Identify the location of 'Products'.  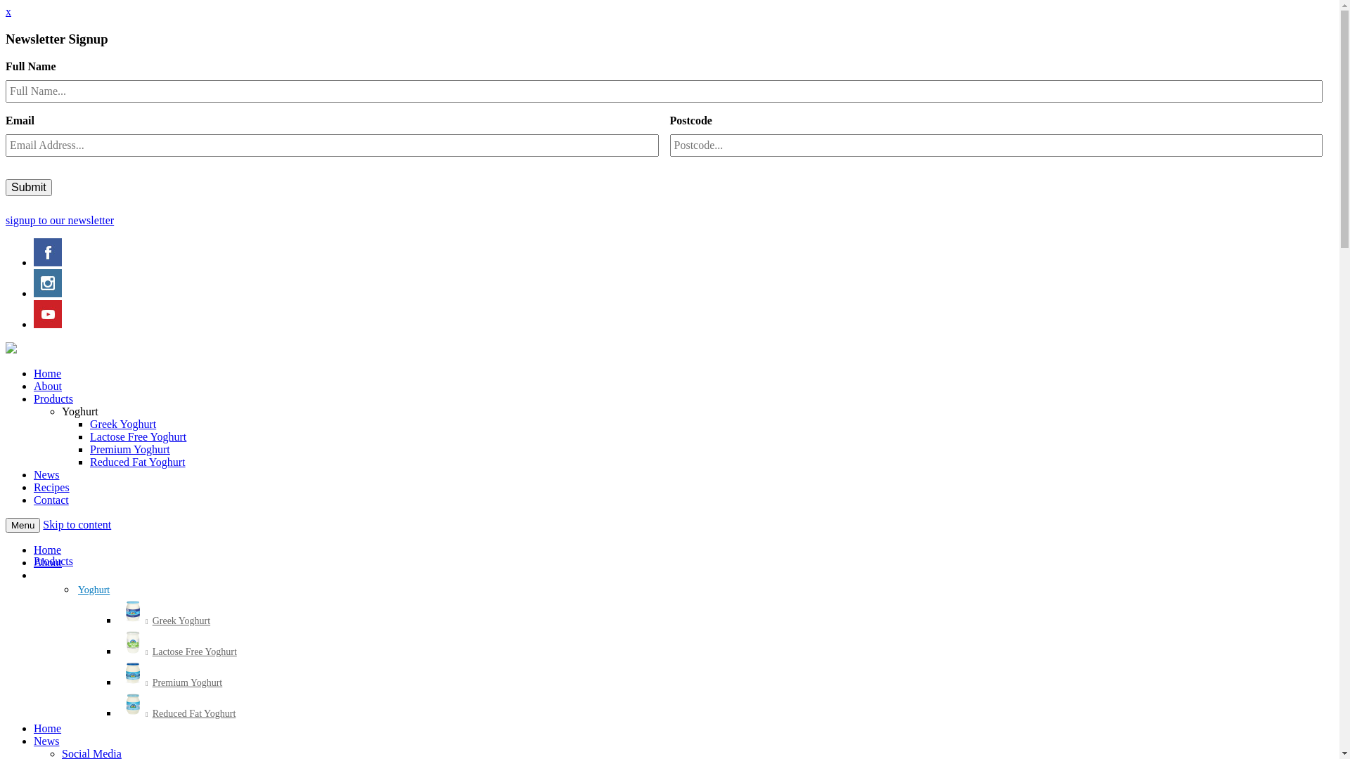
(53, 398).